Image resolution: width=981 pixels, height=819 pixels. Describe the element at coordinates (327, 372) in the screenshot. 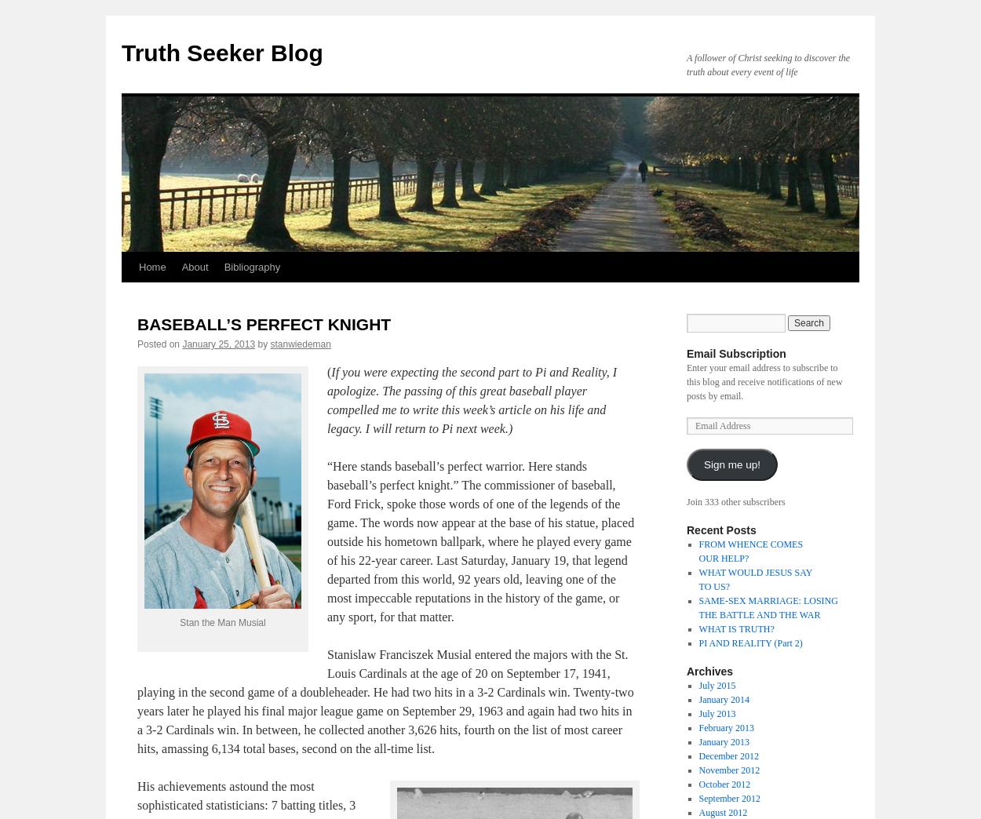

I see `'('` at that location.